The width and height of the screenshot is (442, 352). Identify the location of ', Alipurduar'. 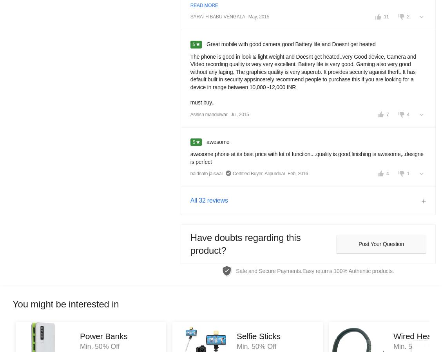
(262, 173).